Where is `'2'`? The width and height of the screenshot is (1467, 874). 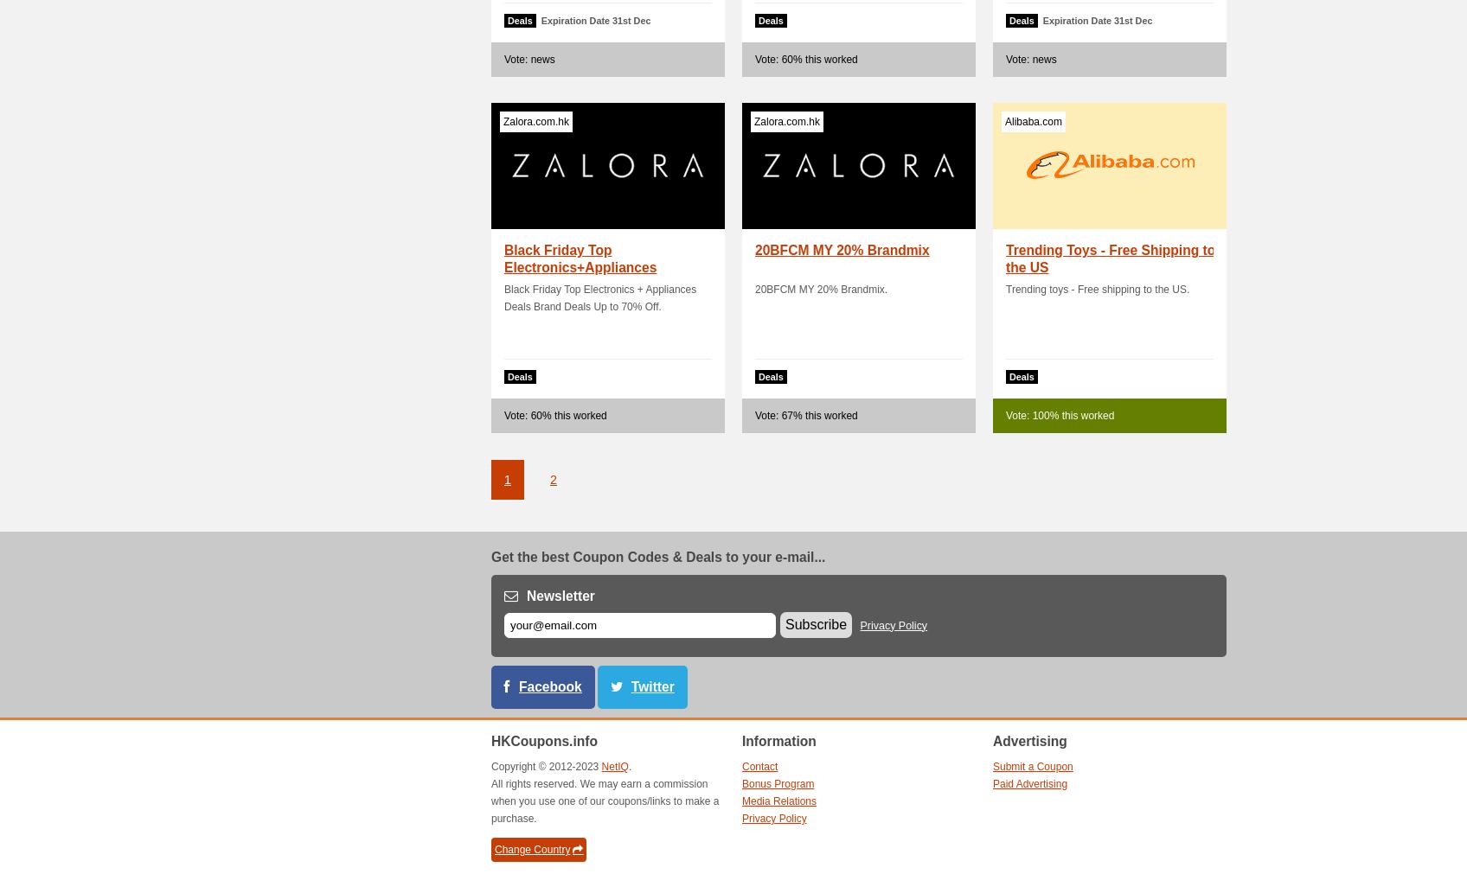
'2' is located at coordinates (553, 480).